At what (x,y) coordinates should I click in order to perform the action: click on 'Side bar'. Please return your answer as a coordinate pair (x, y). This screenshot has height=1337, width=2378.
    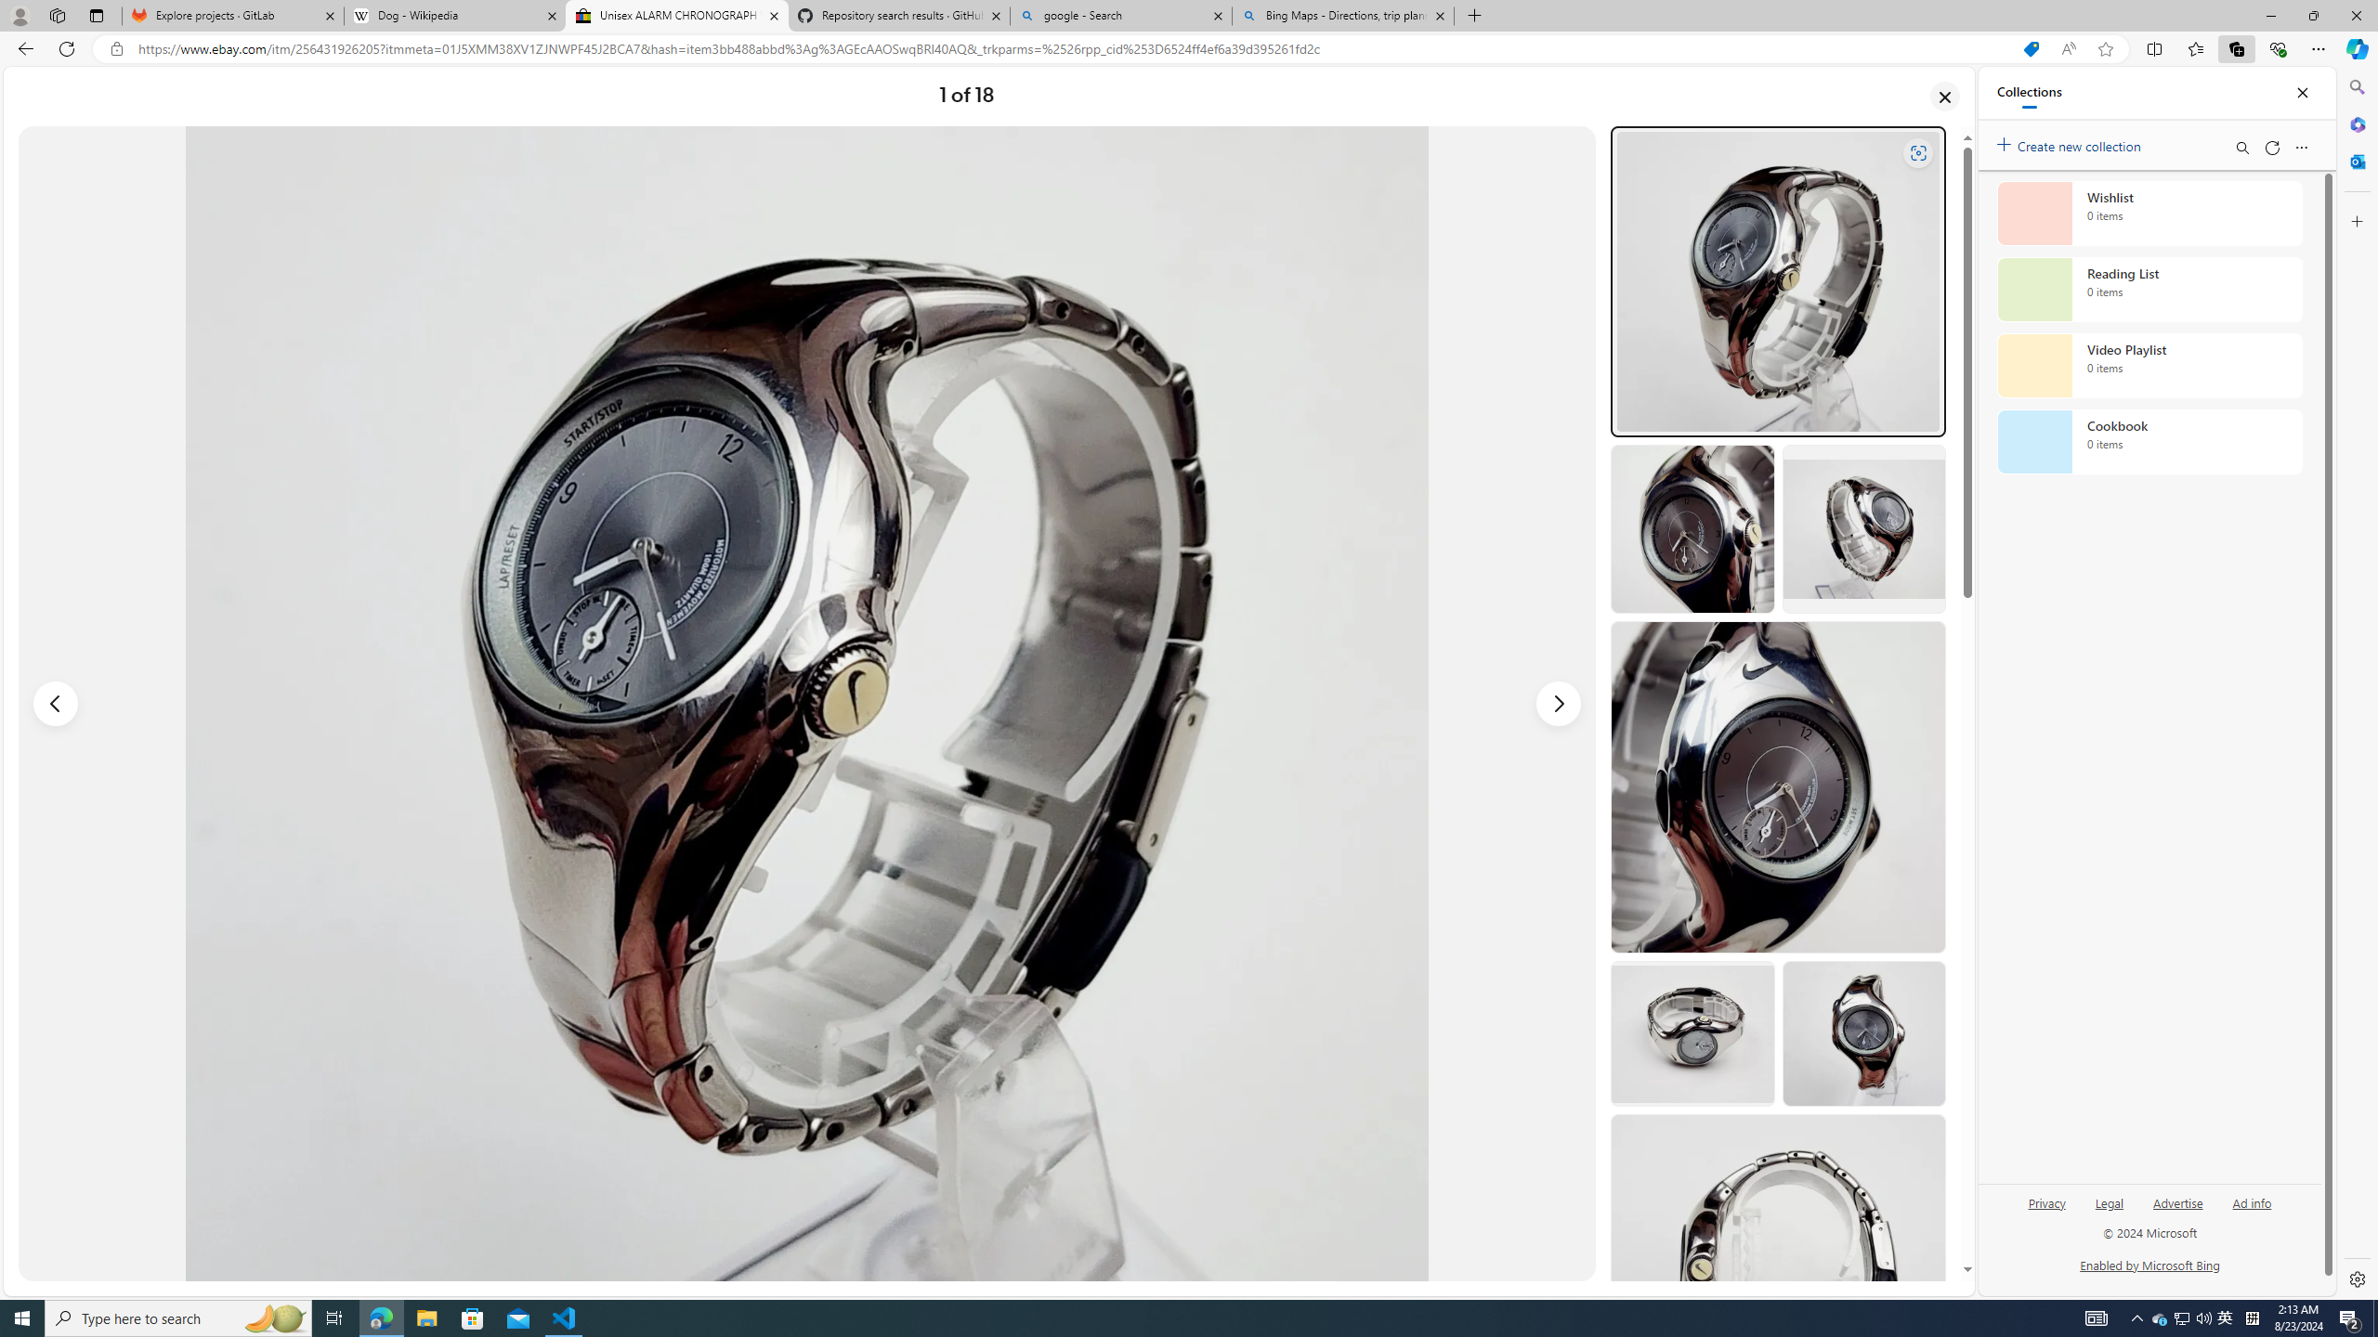
    Looking at the image, I should click on (2357, 682).